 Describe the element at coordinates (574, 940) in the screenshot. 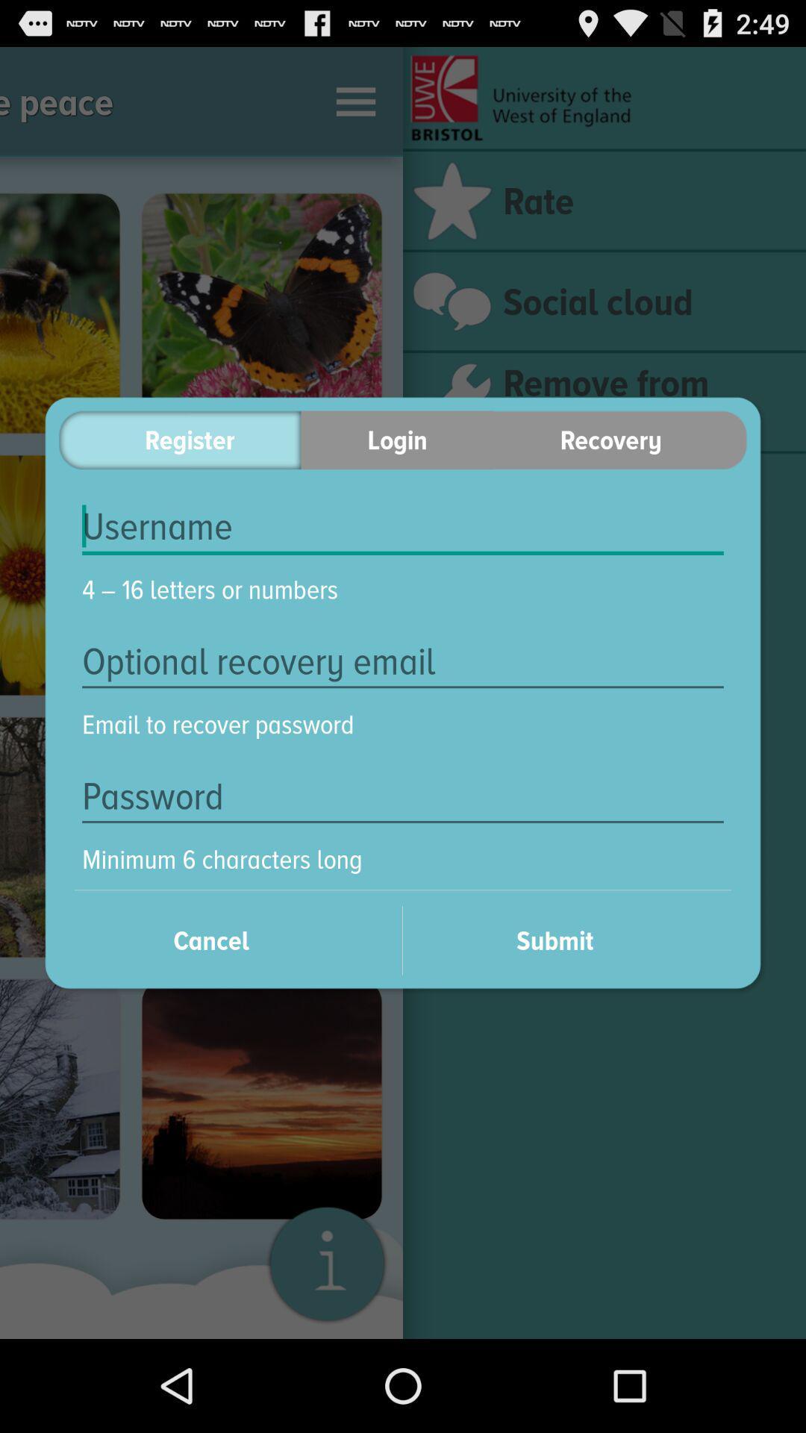

I see `the submit` at that location.